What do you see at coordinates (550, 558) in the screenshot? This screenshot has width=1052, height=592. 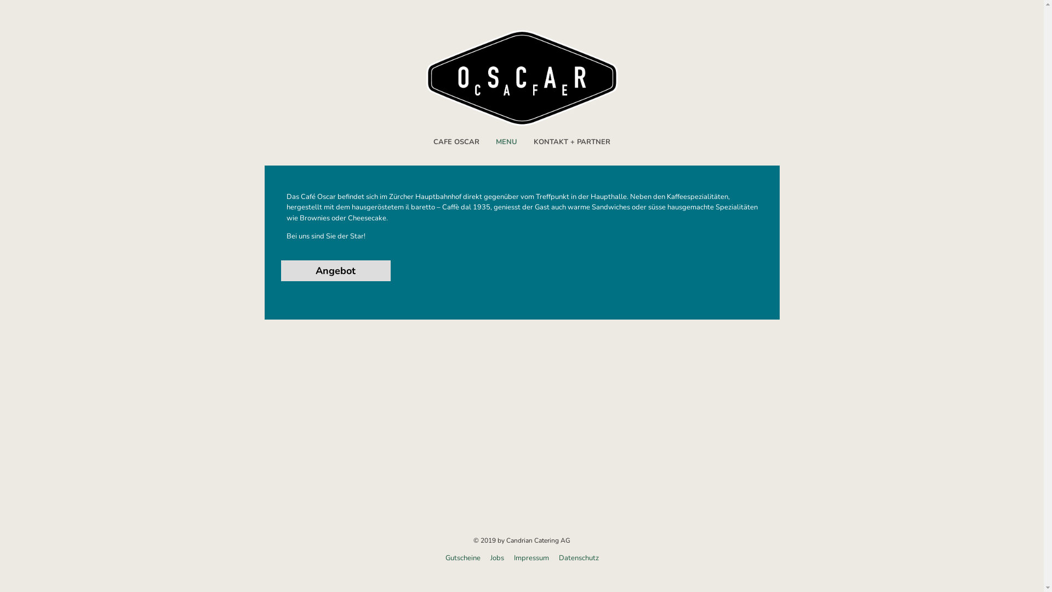 I see `'Datenschutz'` at bounding box center [550, 558].